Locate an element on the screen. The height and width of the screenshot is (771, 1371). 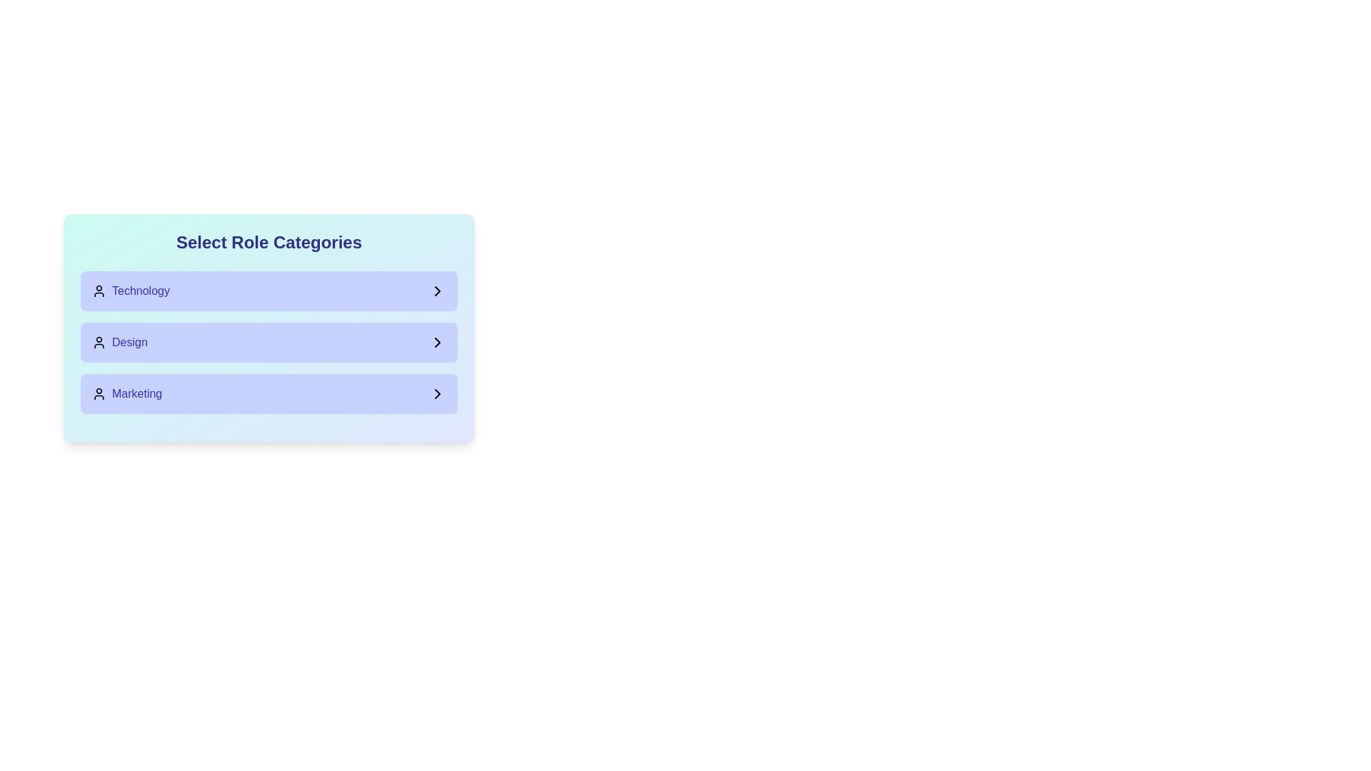
the chevron icon located at the far-right end of the 'Technology' button in the 'Select Role Categories' section is located at coordinates (437, 291).